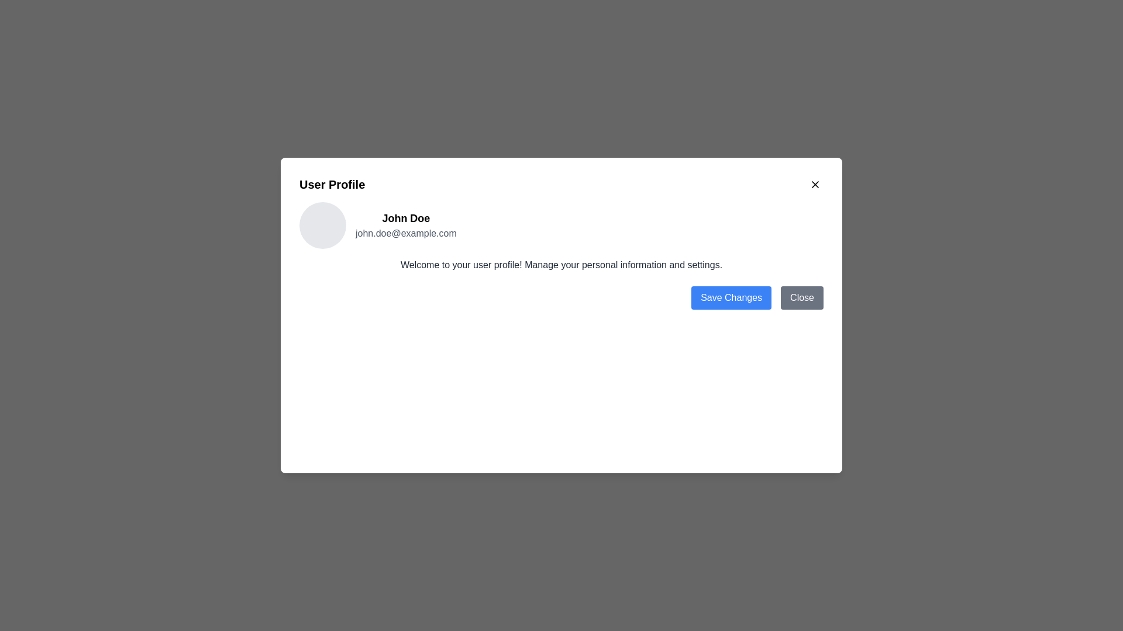 This screenshot has width=1123, height=631. I want to click on the text block that displays the message 'Welcome to your user profile! Manage your personal information and settings.', so click(561, 265).